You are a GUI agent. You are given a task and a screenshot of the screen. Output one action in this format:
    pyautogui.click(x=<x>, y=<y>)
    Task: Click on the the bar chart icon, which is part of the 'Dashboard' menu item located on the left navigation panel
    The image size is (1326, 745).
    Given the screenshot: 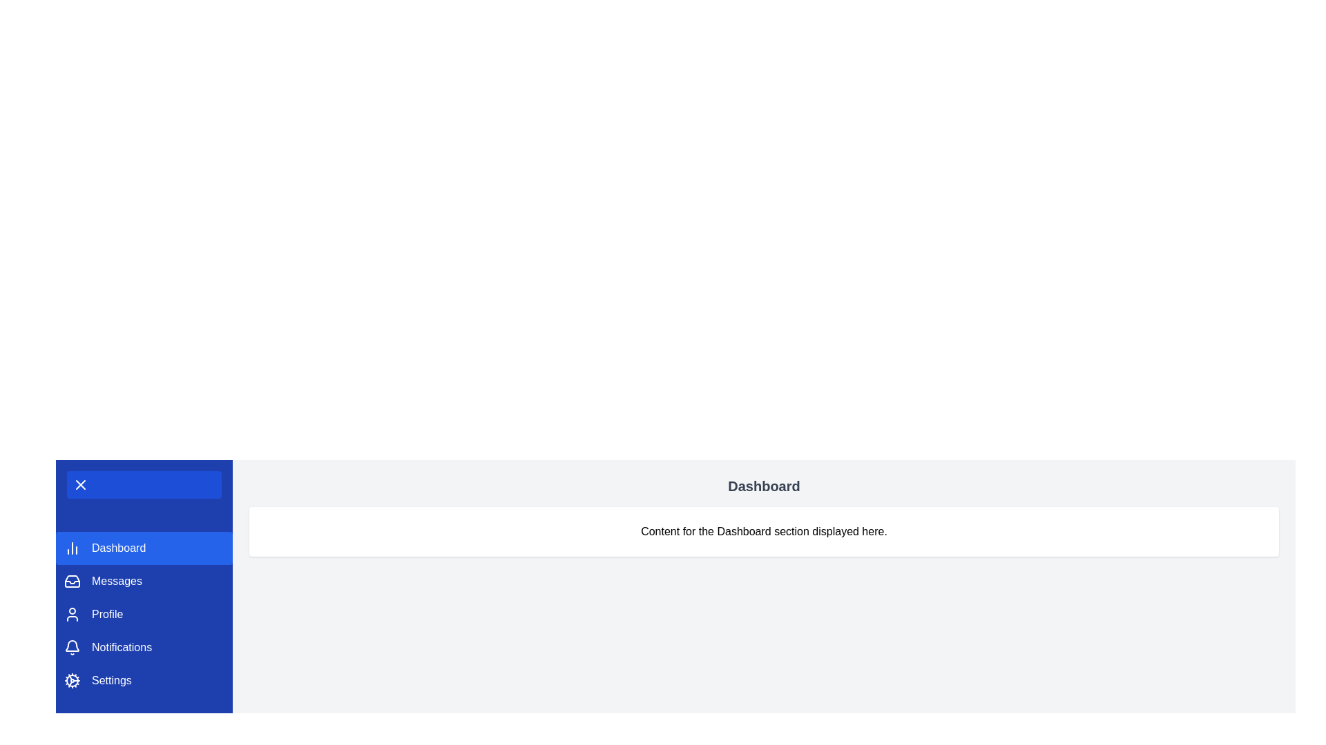 What is the action you would take?
    pyautogui.click(x=72, y=547)
    